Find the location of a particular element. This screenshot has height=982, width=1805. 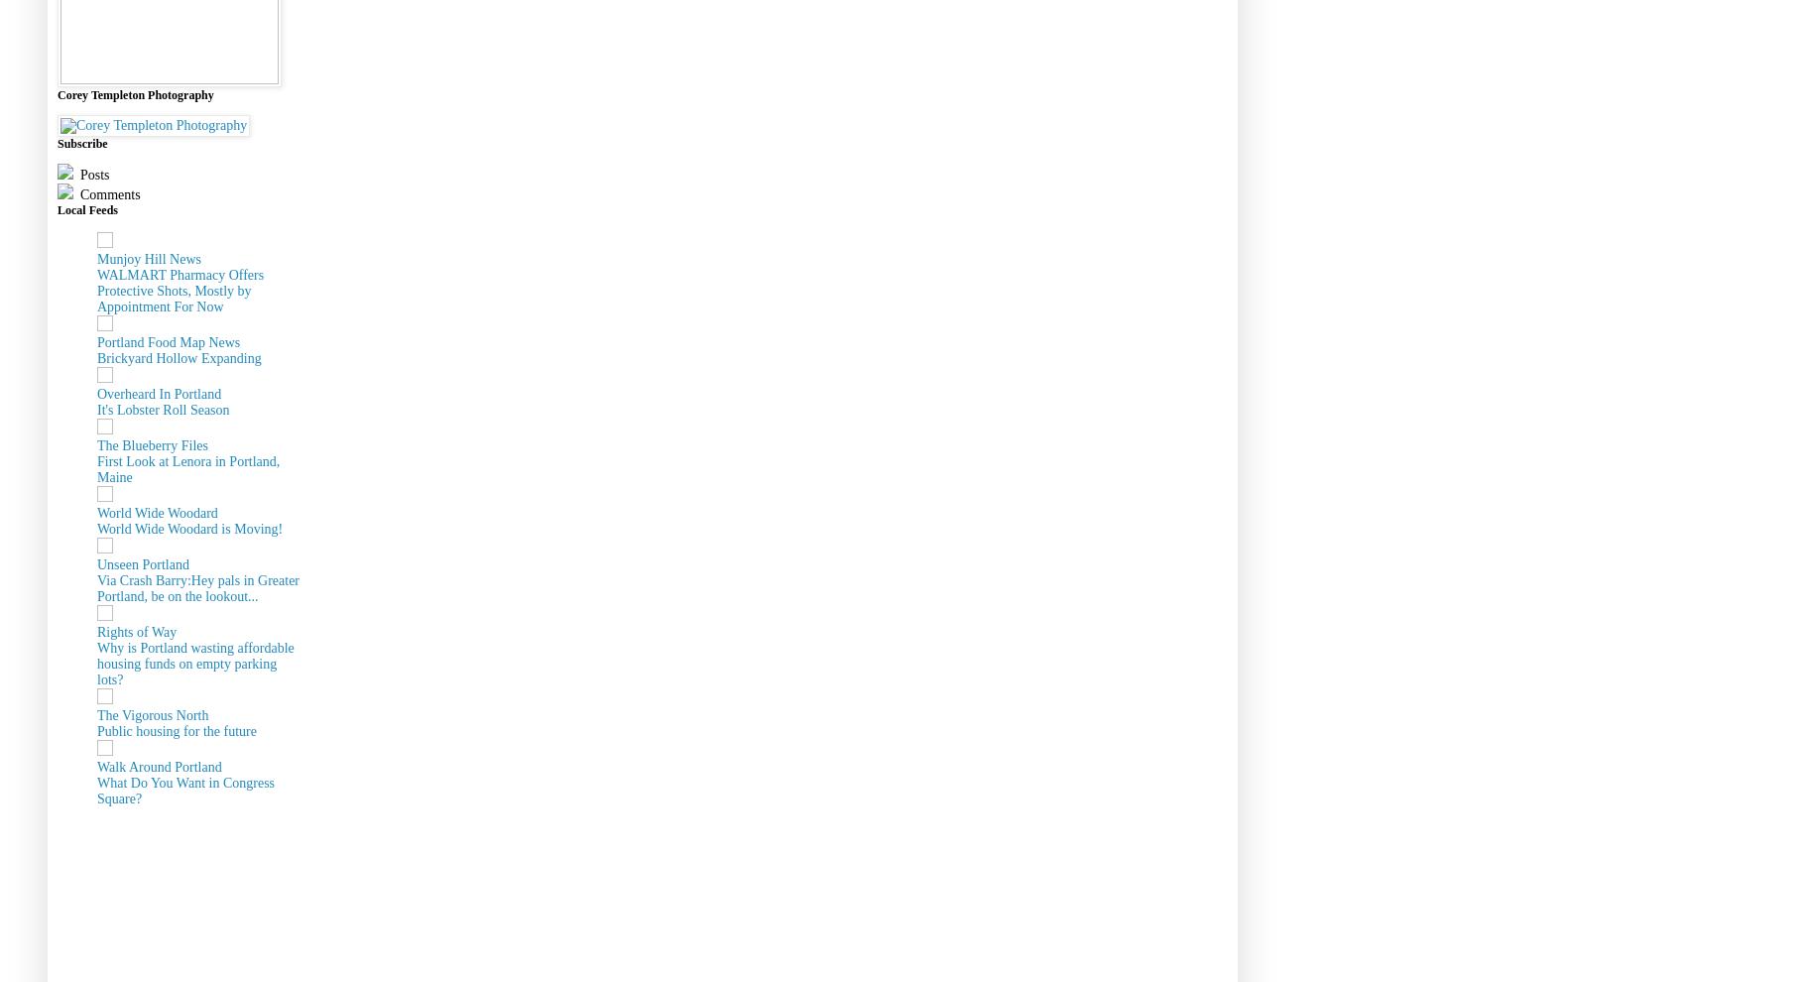

'Local Feeds' is located at coordinates (87, 207).